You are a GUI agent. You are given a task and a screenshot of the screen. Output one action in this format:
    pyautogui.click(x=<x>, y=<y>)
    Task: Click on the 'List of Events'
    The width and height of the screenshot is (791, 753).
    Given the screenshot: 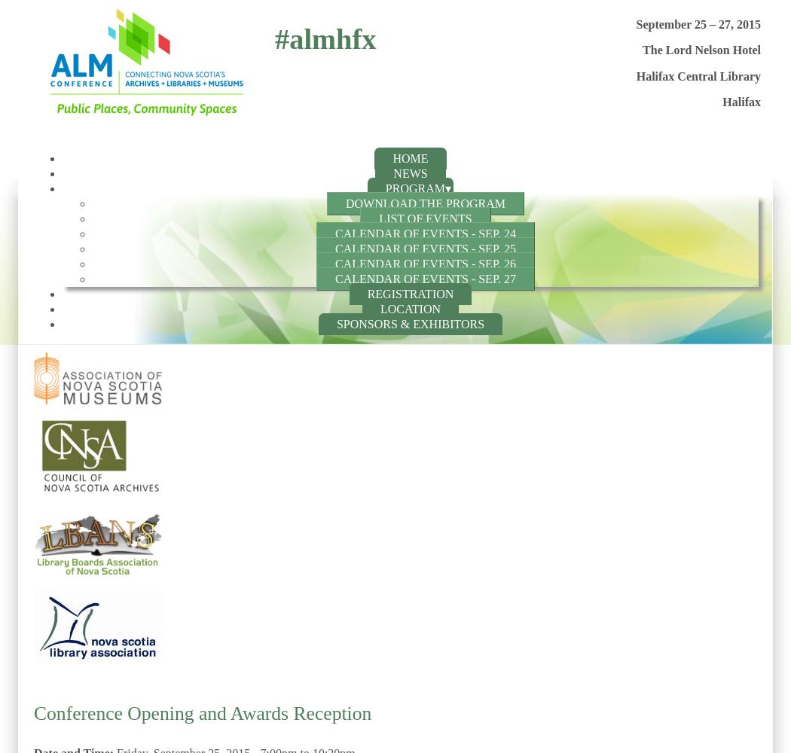 What is the action you would take?
    pyautogui.click(x=424, y=218)
    